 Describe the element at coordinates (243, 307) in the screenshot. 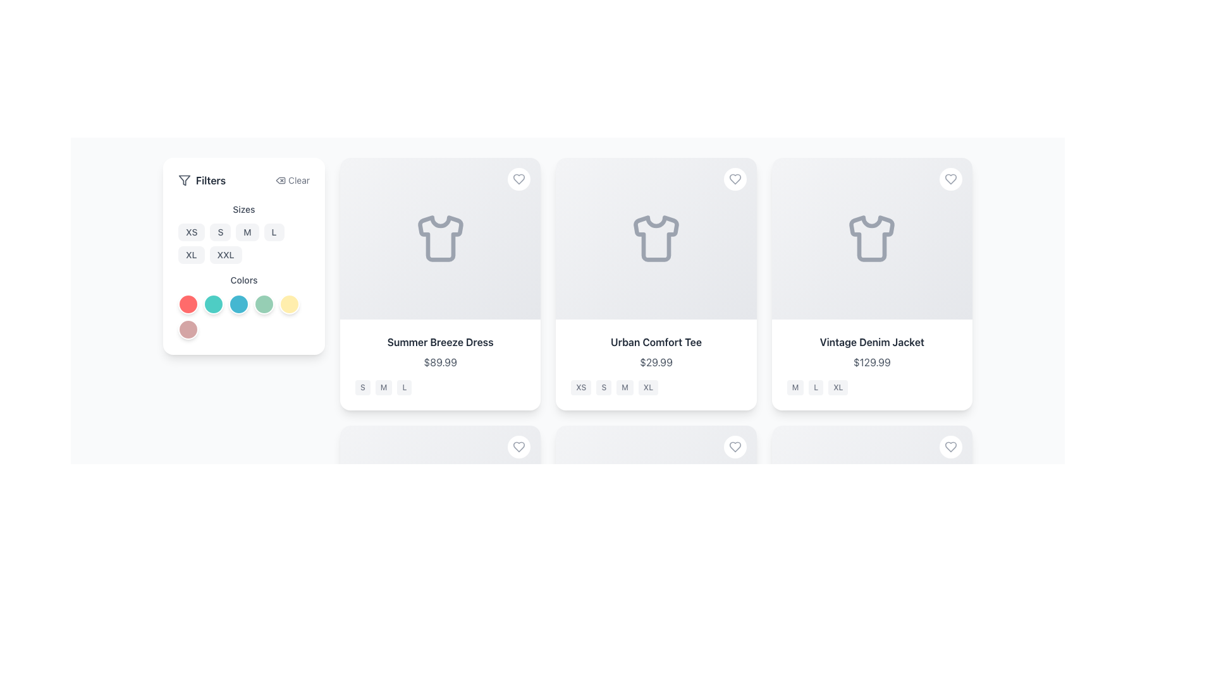

I see `the third circular icon` at that location.